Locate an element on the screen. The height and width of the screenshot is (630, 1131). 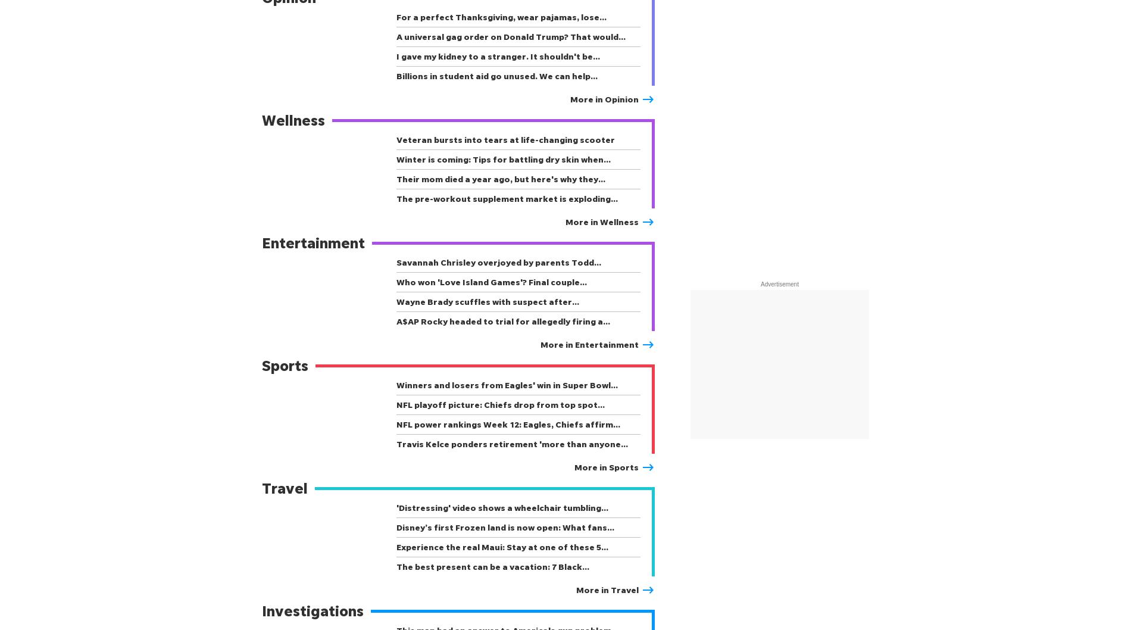
'Winners and losers from Eagles' win in Super Bowl…' is located at coordinates (506, 384).